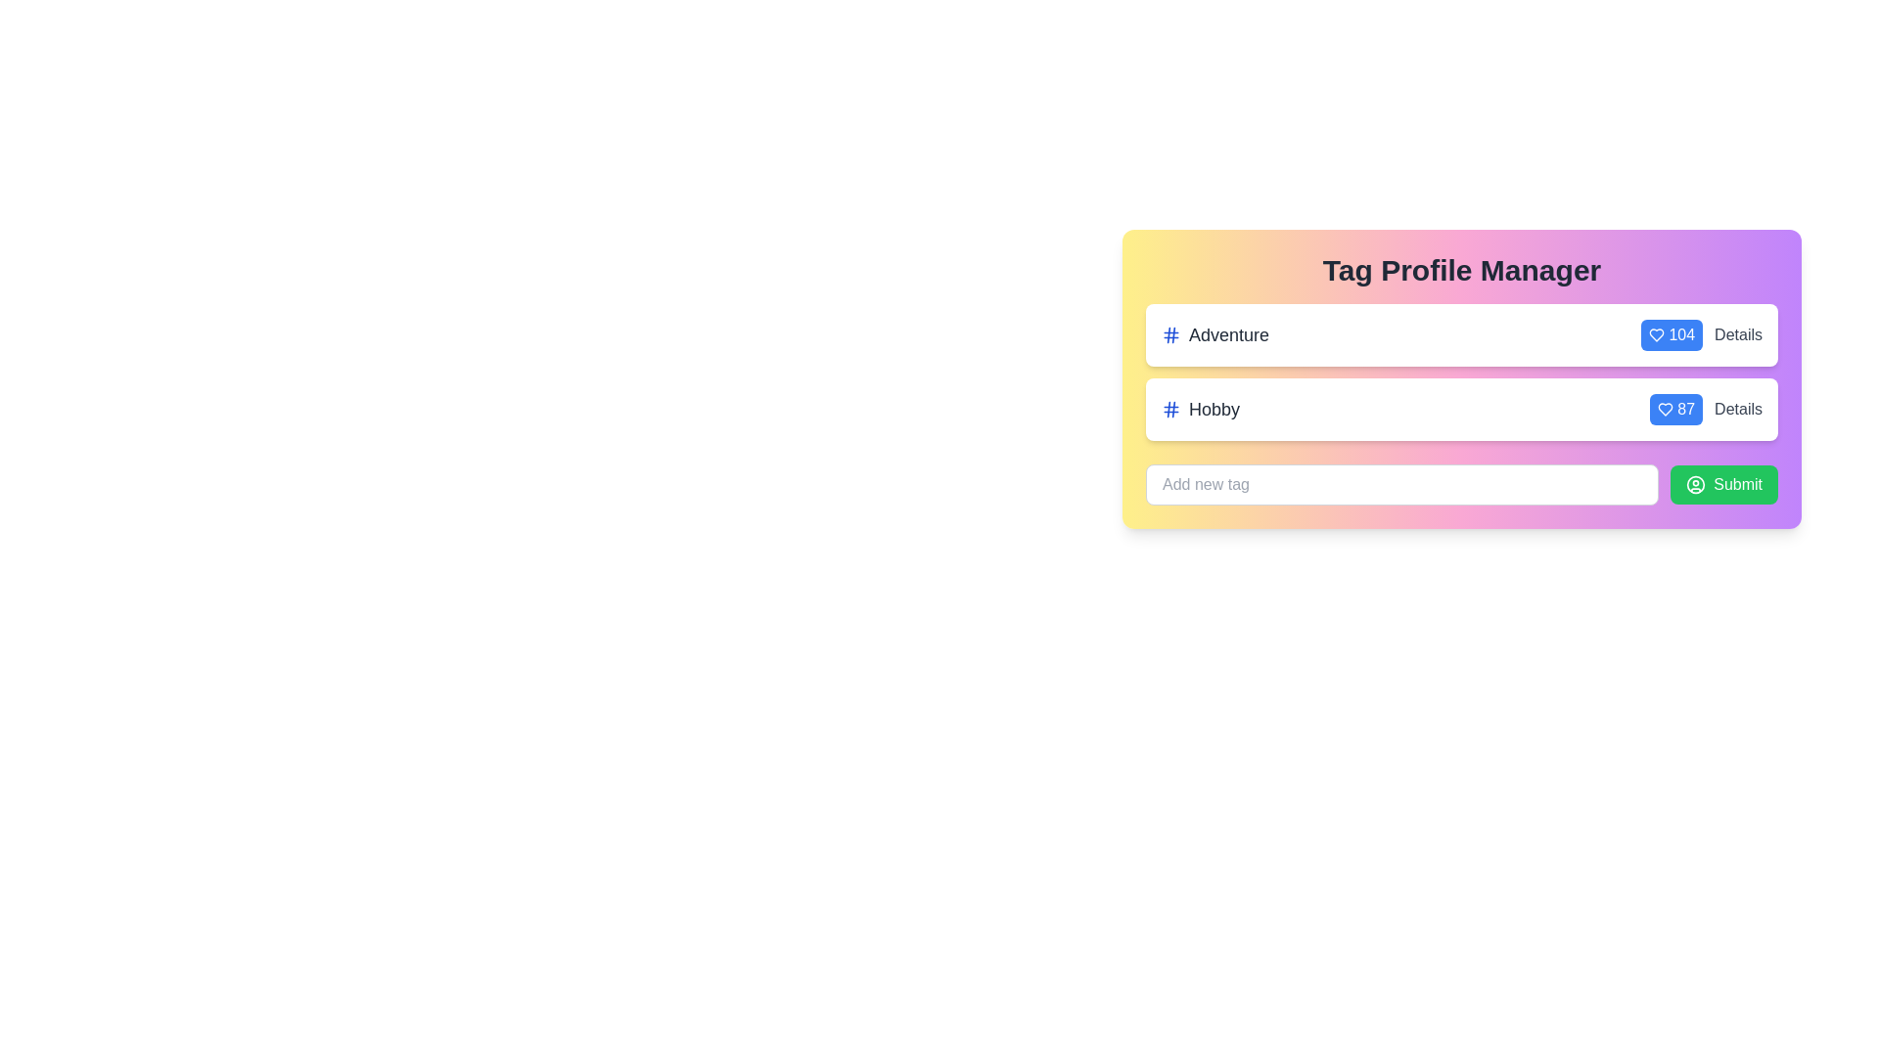  I want to click on the blue rectangular button with a white heart icon and the number '104', so click(1671, 334).